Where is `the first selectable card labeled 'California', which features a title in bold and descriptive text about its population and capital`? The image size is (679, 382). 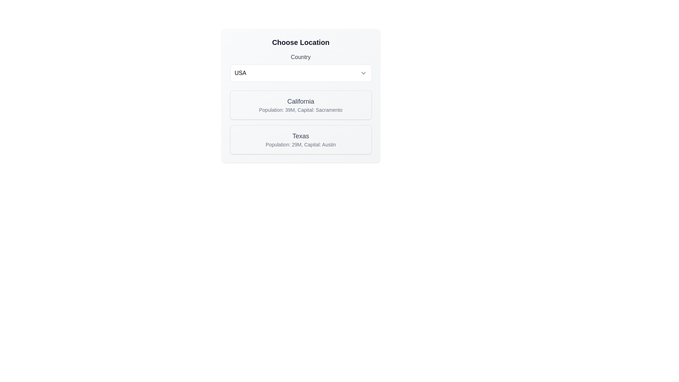
the first selectable card labeled 'California', which features a title in bold and descriptive text about its population and capital is located at coordinates (301, 105).